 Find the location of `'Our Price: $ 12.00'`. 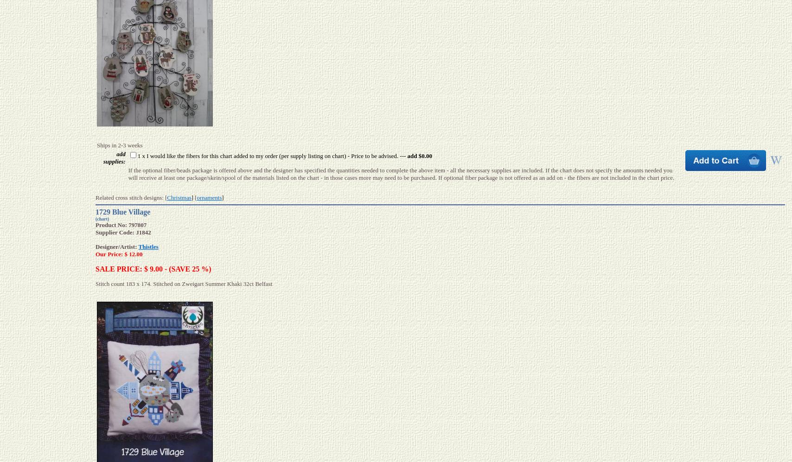

'Our Price: $ 12.00' is located at coordinates (119, 254).